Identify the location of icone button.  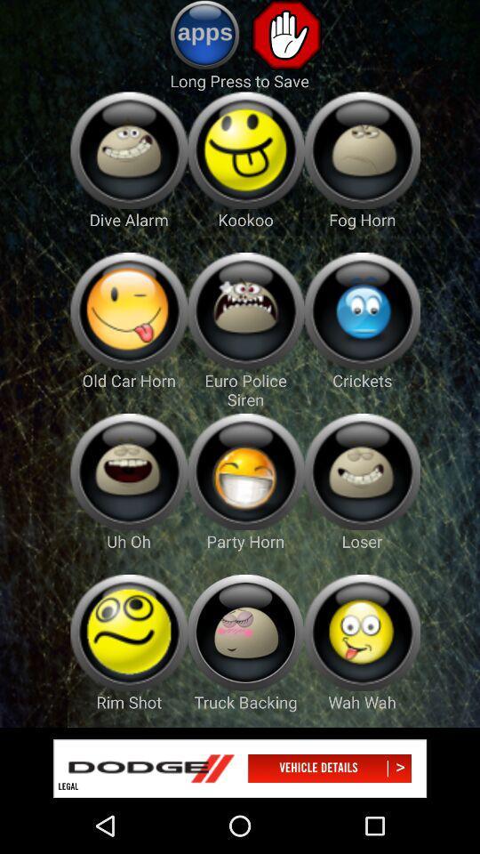
(361, 471).